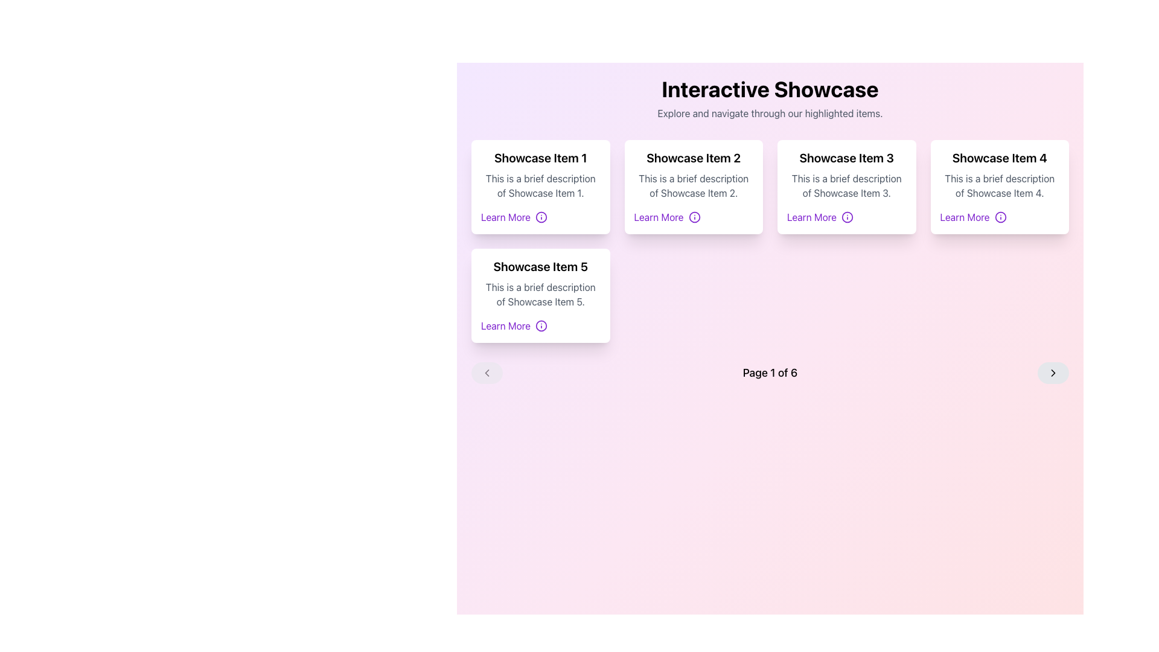  I want to click on the information icon located to the right of the 'Learn More' text within the 'Showcase Item 2' card, so click(694, 216).